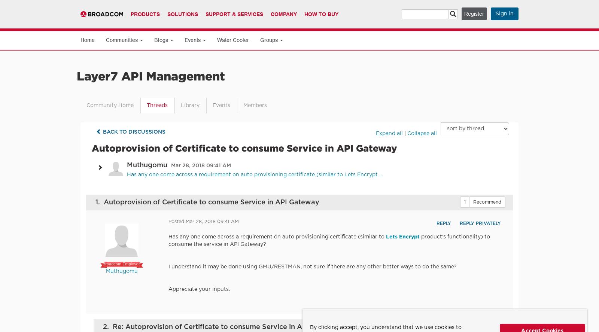 The width and height of the screenshot is (599, 332). Describe the element at coordinates (157, 105) in the screenshot. I see `'Threads'` at that location.